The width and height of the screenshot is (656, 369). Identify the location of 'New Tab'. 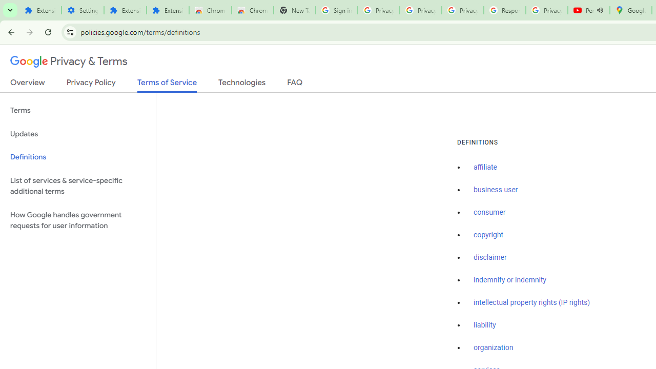
(294, 10).